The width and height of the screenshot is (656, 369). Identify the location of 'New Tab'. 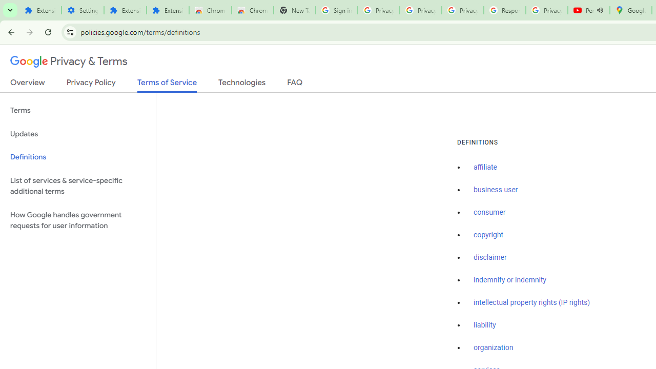
(294, 10).